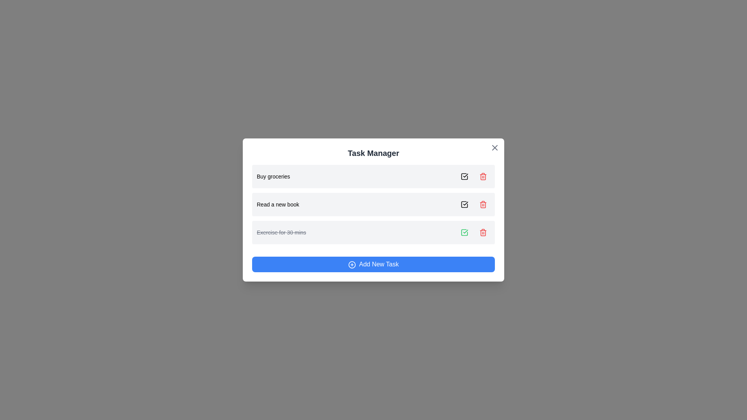 Image resolution: width=747 pixels, height=420 pixels. What do you see at coordinates (494, 148) in the screenshot?
I see `the close button represented by an 'X' icon in the top-right corner of the 'Task Manager' dialog box` at bounding box center [494, 148].